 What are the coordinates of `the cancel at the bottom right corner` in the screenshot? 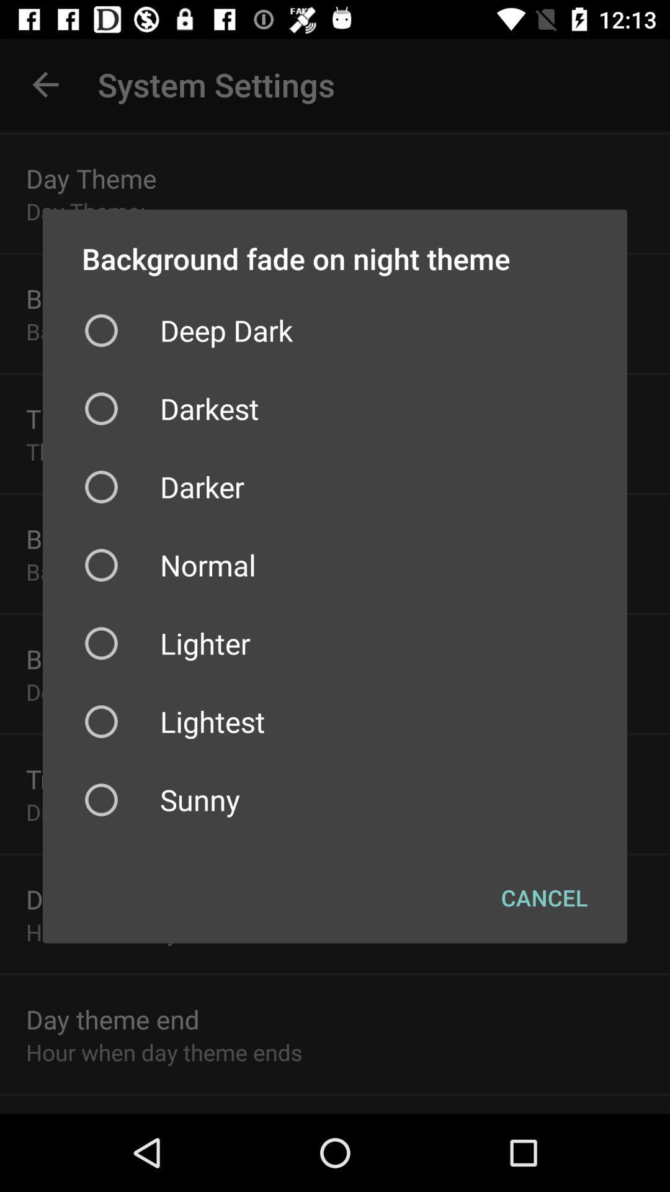 It's located at (543, 897).